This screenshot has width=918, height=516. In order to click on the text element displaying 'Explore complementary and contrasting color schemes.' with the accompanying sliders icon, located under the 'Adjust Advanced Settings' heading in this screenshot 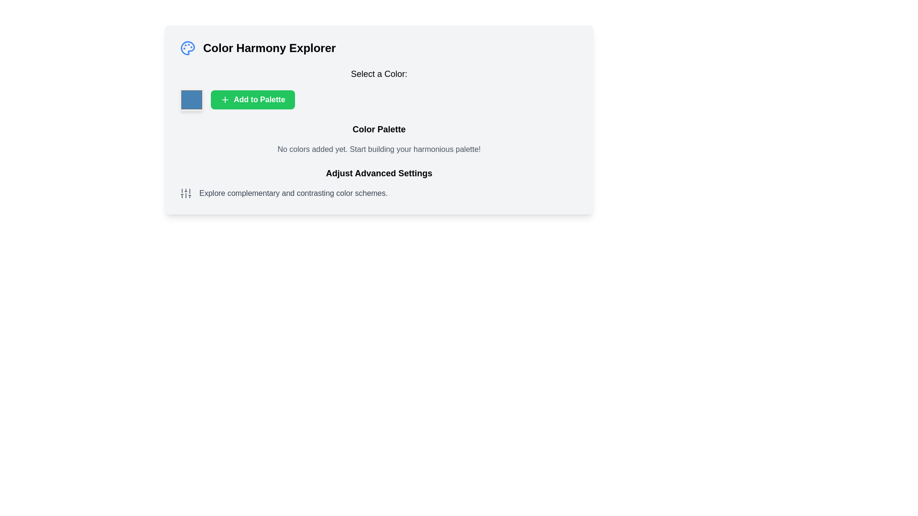, I will do `click(378, 193)`.